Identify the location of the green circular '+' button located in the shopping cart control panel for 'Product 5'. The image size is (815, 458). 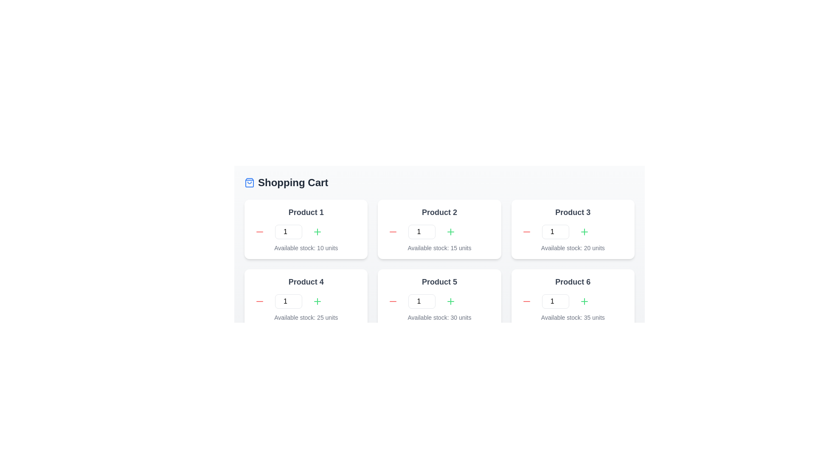
(450, 301).